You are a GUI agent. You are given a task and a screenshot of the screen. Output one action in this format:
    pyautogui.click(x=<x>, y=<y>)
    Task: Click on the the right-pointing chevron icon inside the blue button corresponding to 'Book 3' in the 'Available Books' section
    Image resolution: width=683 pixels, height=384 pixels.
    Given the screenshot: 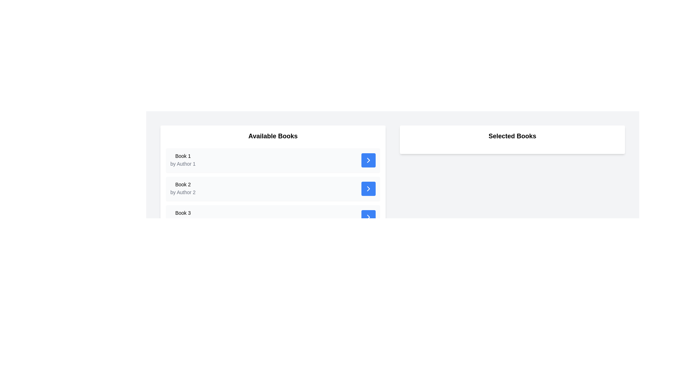 What is the action you would take?
    pyautogui.click(x=369, y=217)
    